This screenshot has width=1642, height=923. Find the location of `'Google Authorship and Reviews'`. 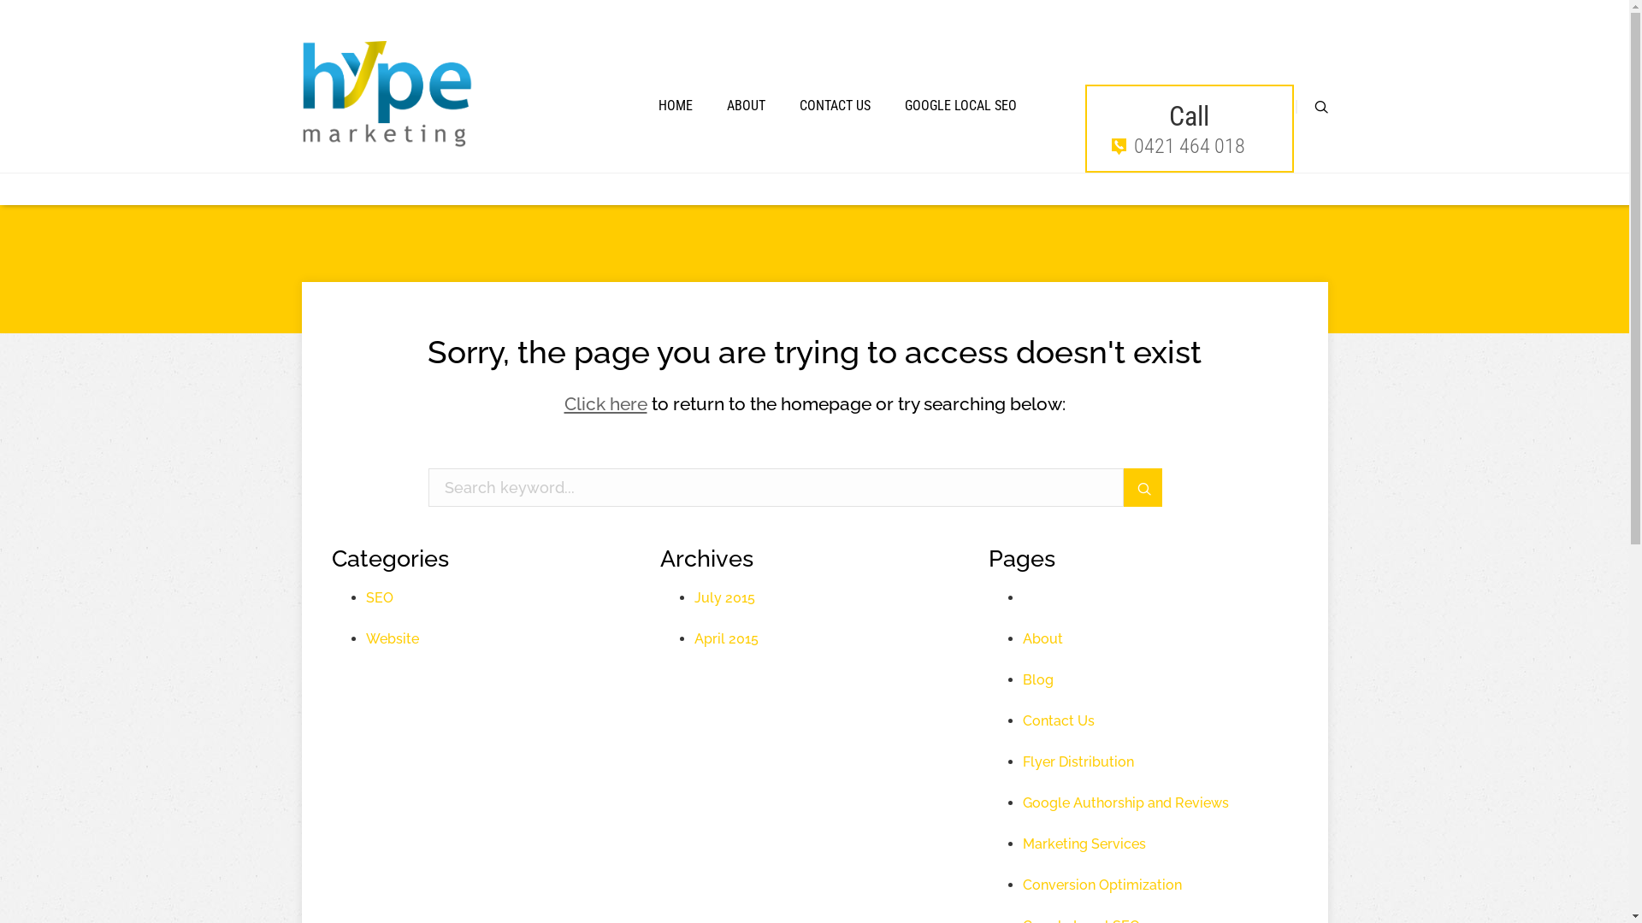

'Google Authorship and Reviews' is located at coordinates (1125, 802).